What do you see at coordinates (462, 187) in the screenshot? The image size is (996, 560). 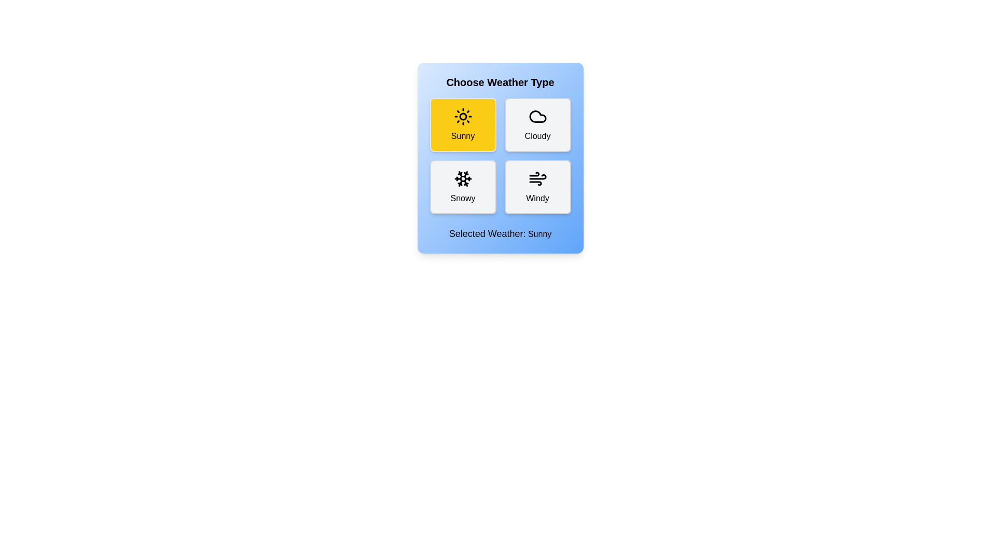 I see `the button corresponding to the weather option Snowy` at bounding box center [462, 187].